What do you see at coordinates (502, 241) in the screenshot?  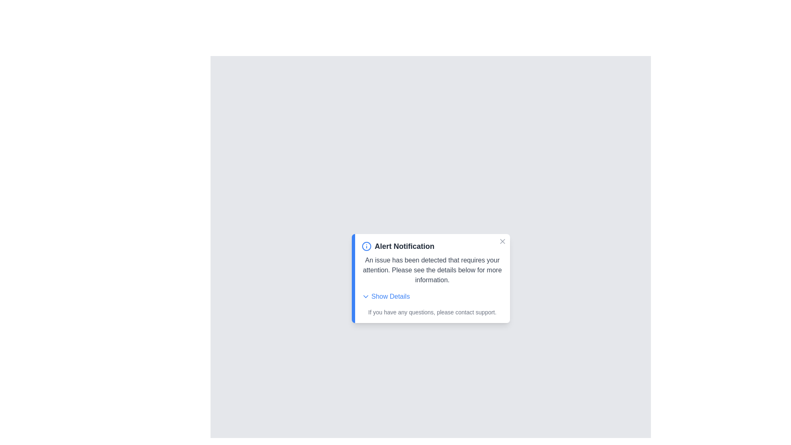 I see `the close button to close the alert` at bounding box center [502, 241].